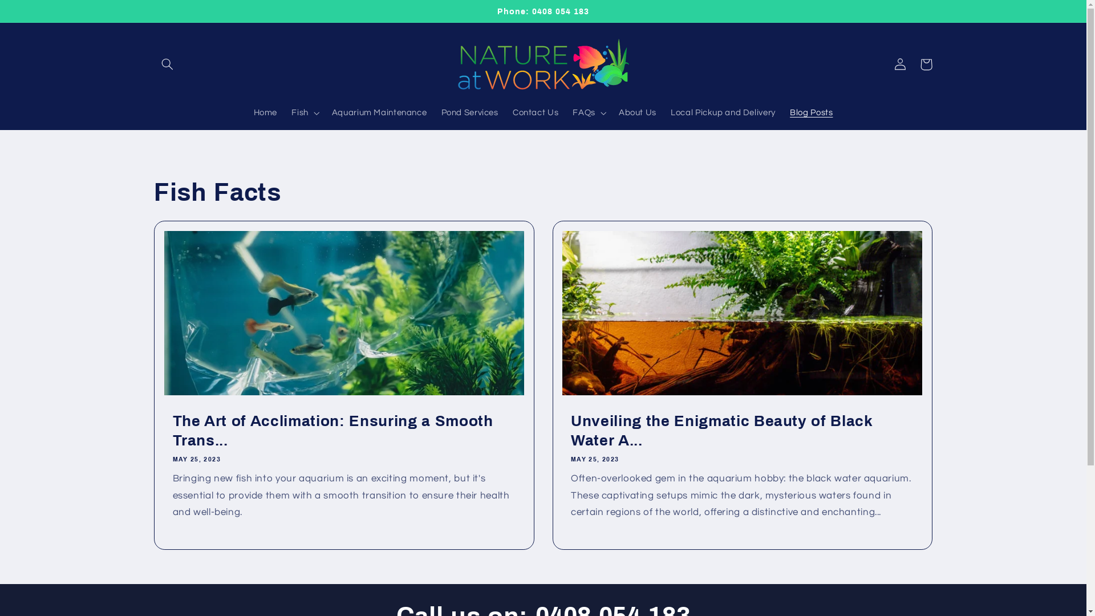 This screenshot has height=616, width=1095. Describe the element at coordinates (505, 112) in the screenshot. I see `'Contact Us'` at that location.